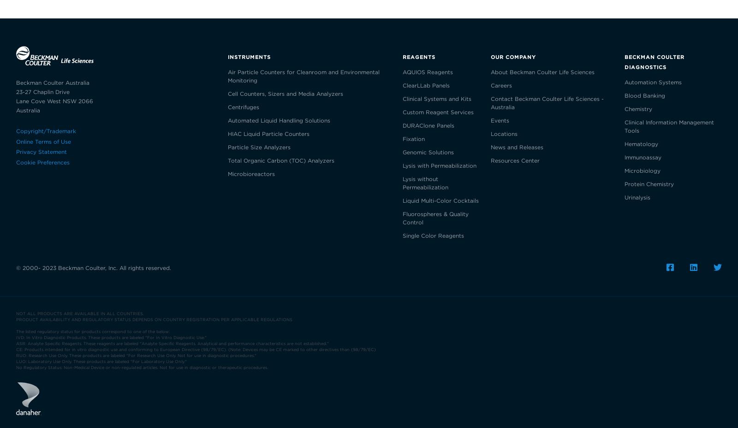 This screenshot has width=738, height=428. Describe the element at coordinates (436, 98) in the screenshot. I see `'Clinical Systems and Kits'` at that location.